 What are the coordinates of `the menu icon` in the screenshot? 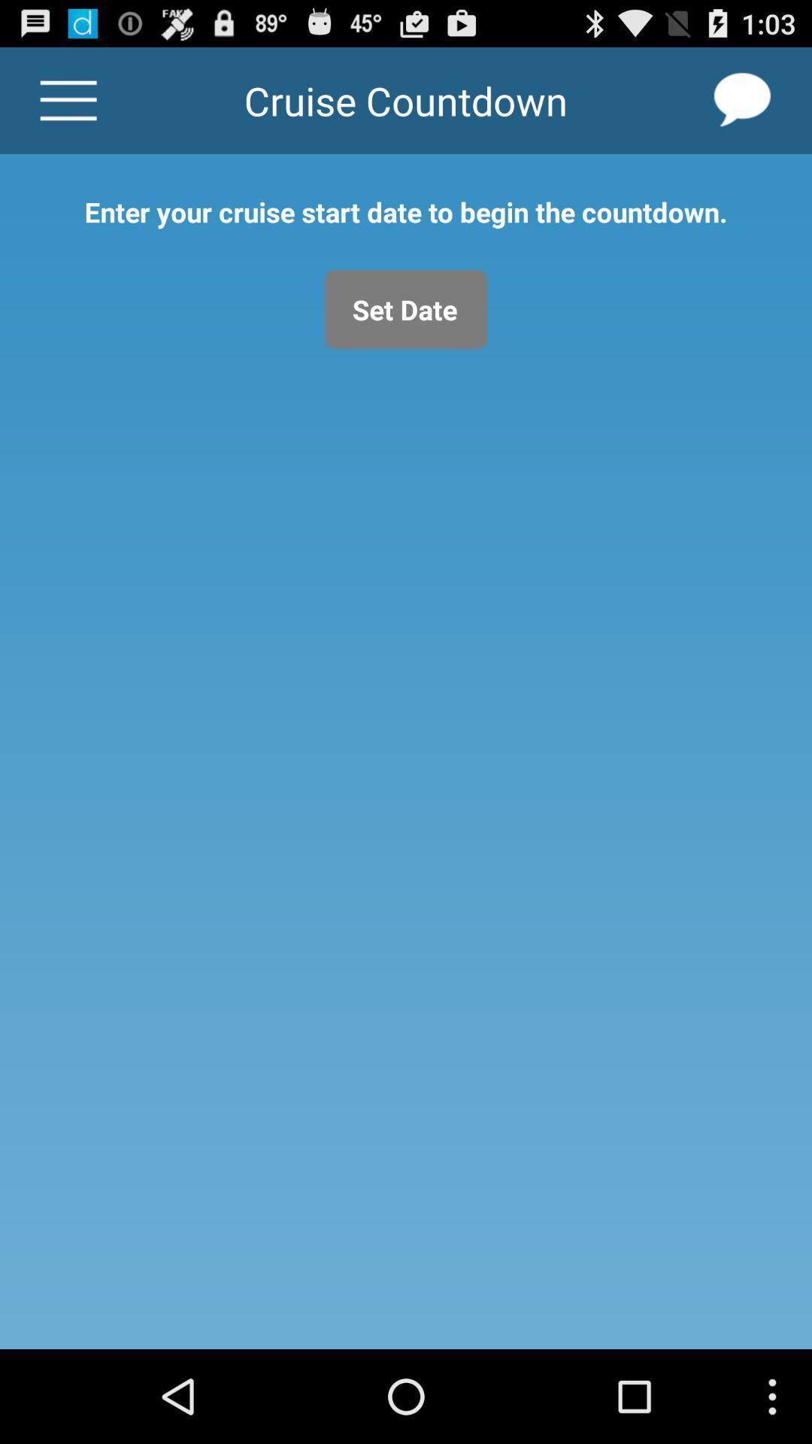 It's located at (68, 107).